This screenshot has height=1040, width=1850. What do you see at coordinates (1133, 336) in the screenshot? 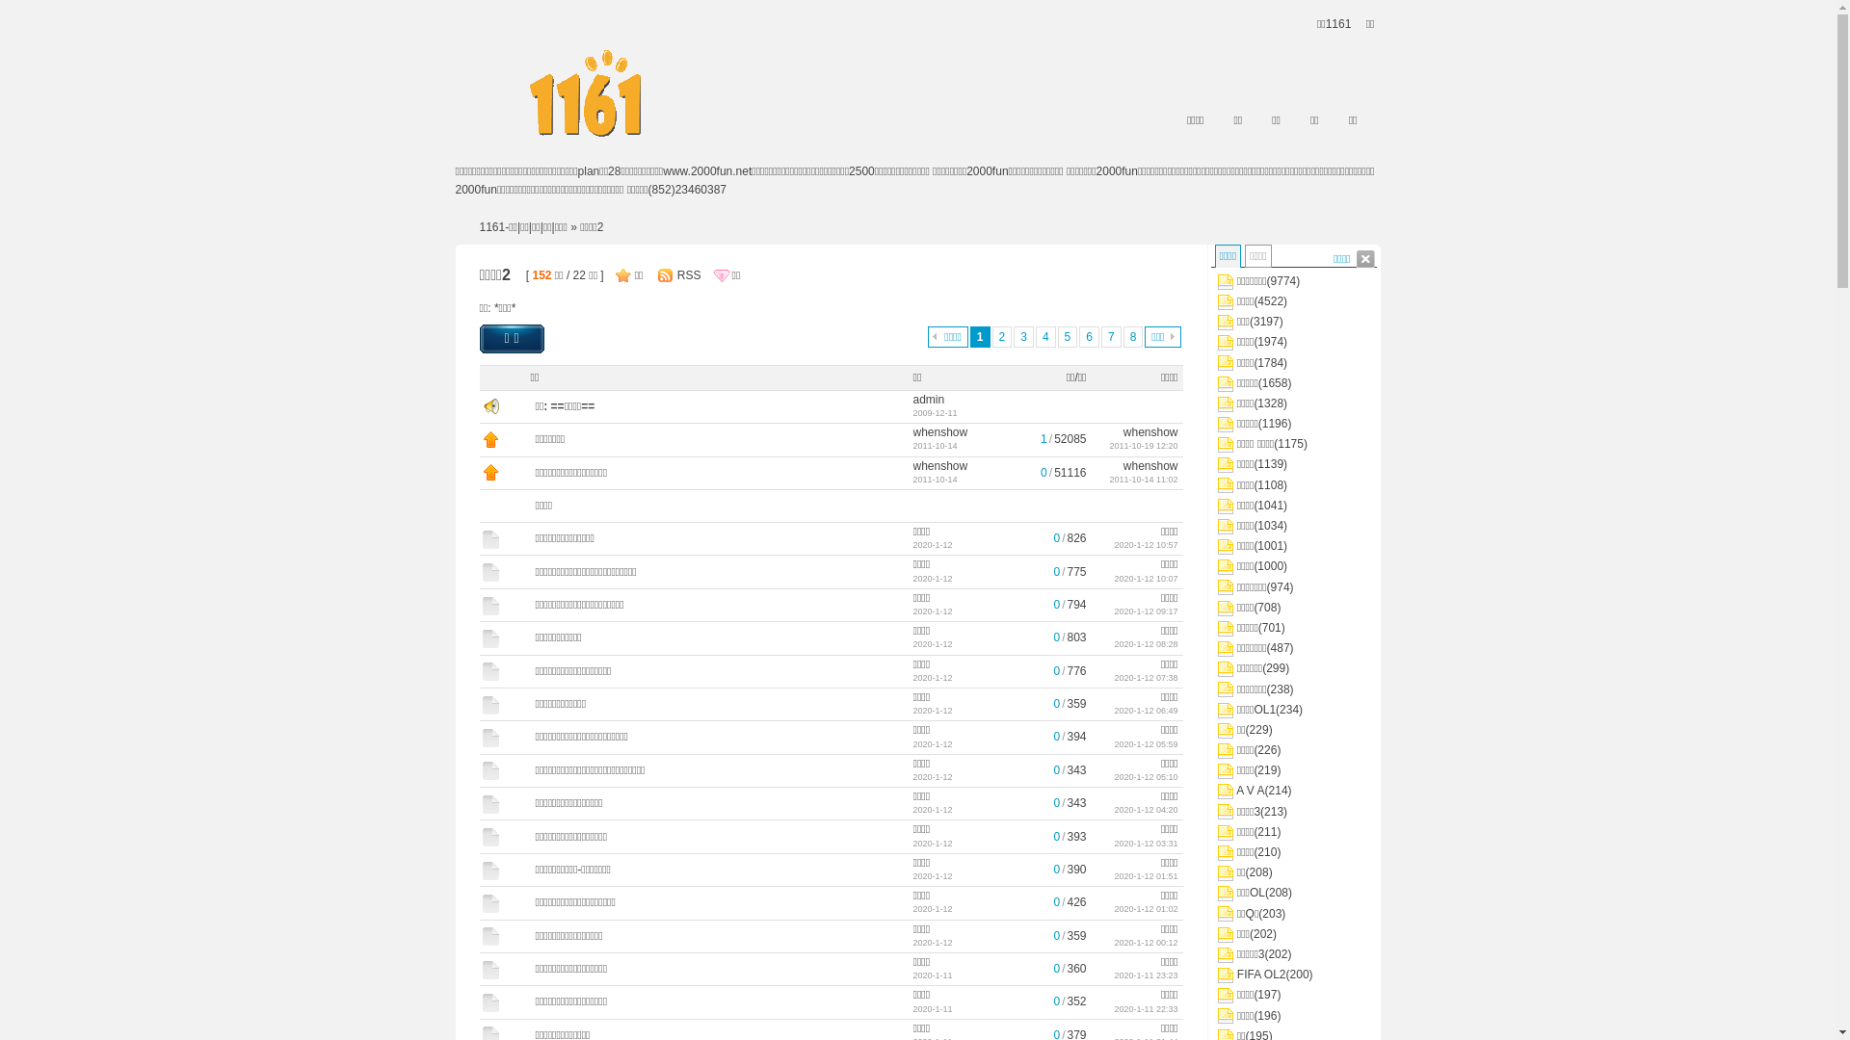
I see `'8'` at bounding box center [1133, 336].